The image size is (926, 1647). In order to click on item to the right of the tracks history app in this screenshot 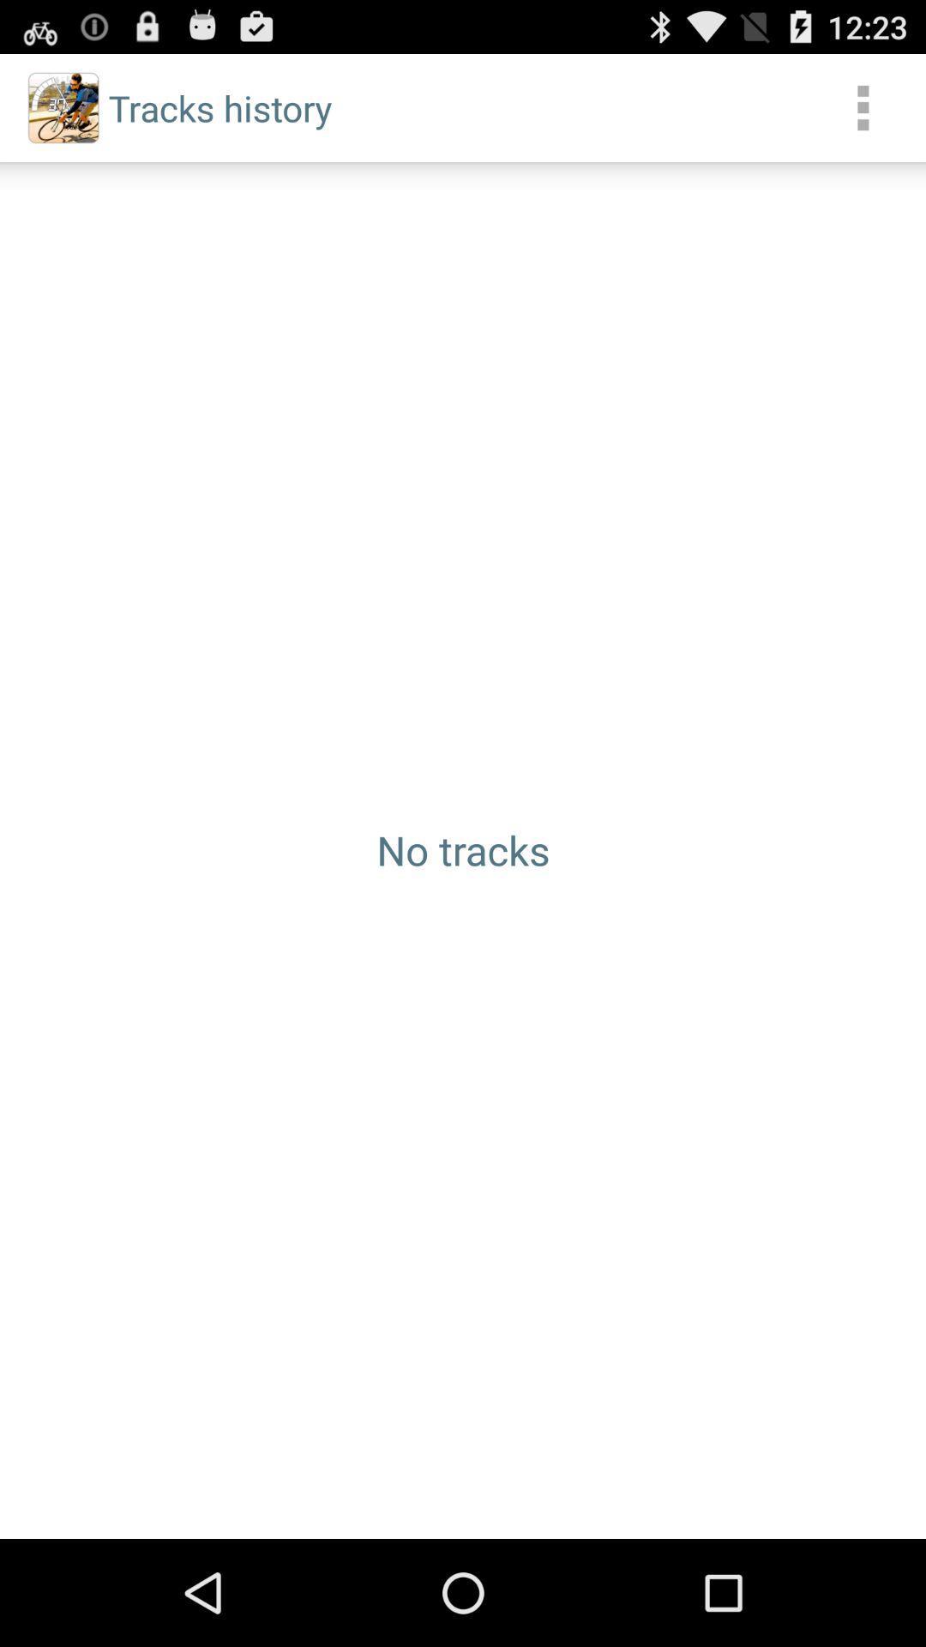, I will do `click(863, 106)`.